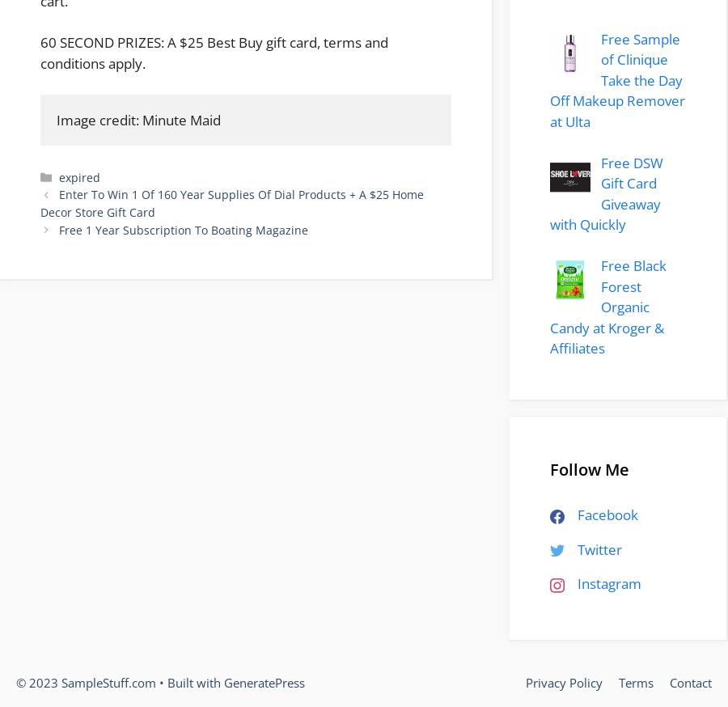  I want to click on 'Free Sample of Clinique Take the Day Off Makeup Remover at Ulta', so click(616, 79).